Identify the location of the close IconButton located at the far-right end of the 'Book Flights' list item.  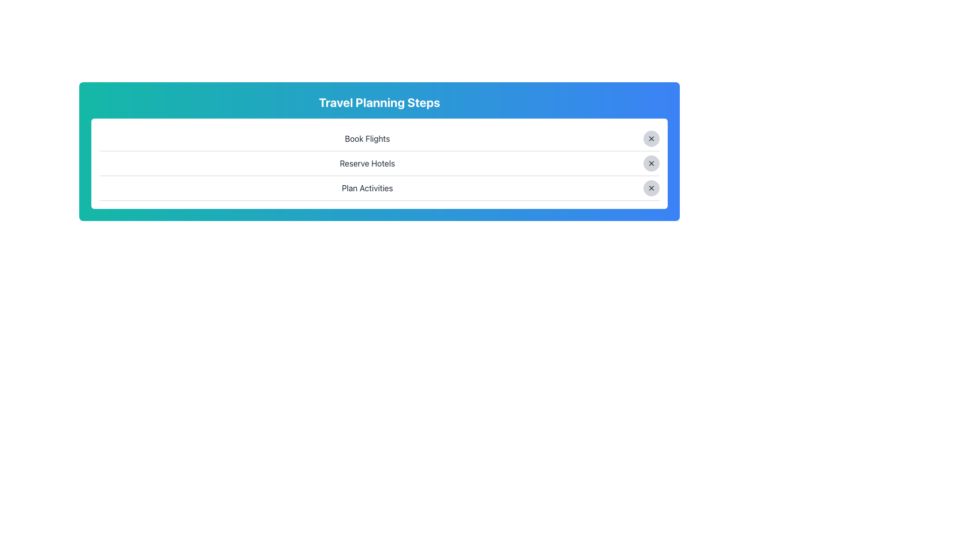
(652, 138).